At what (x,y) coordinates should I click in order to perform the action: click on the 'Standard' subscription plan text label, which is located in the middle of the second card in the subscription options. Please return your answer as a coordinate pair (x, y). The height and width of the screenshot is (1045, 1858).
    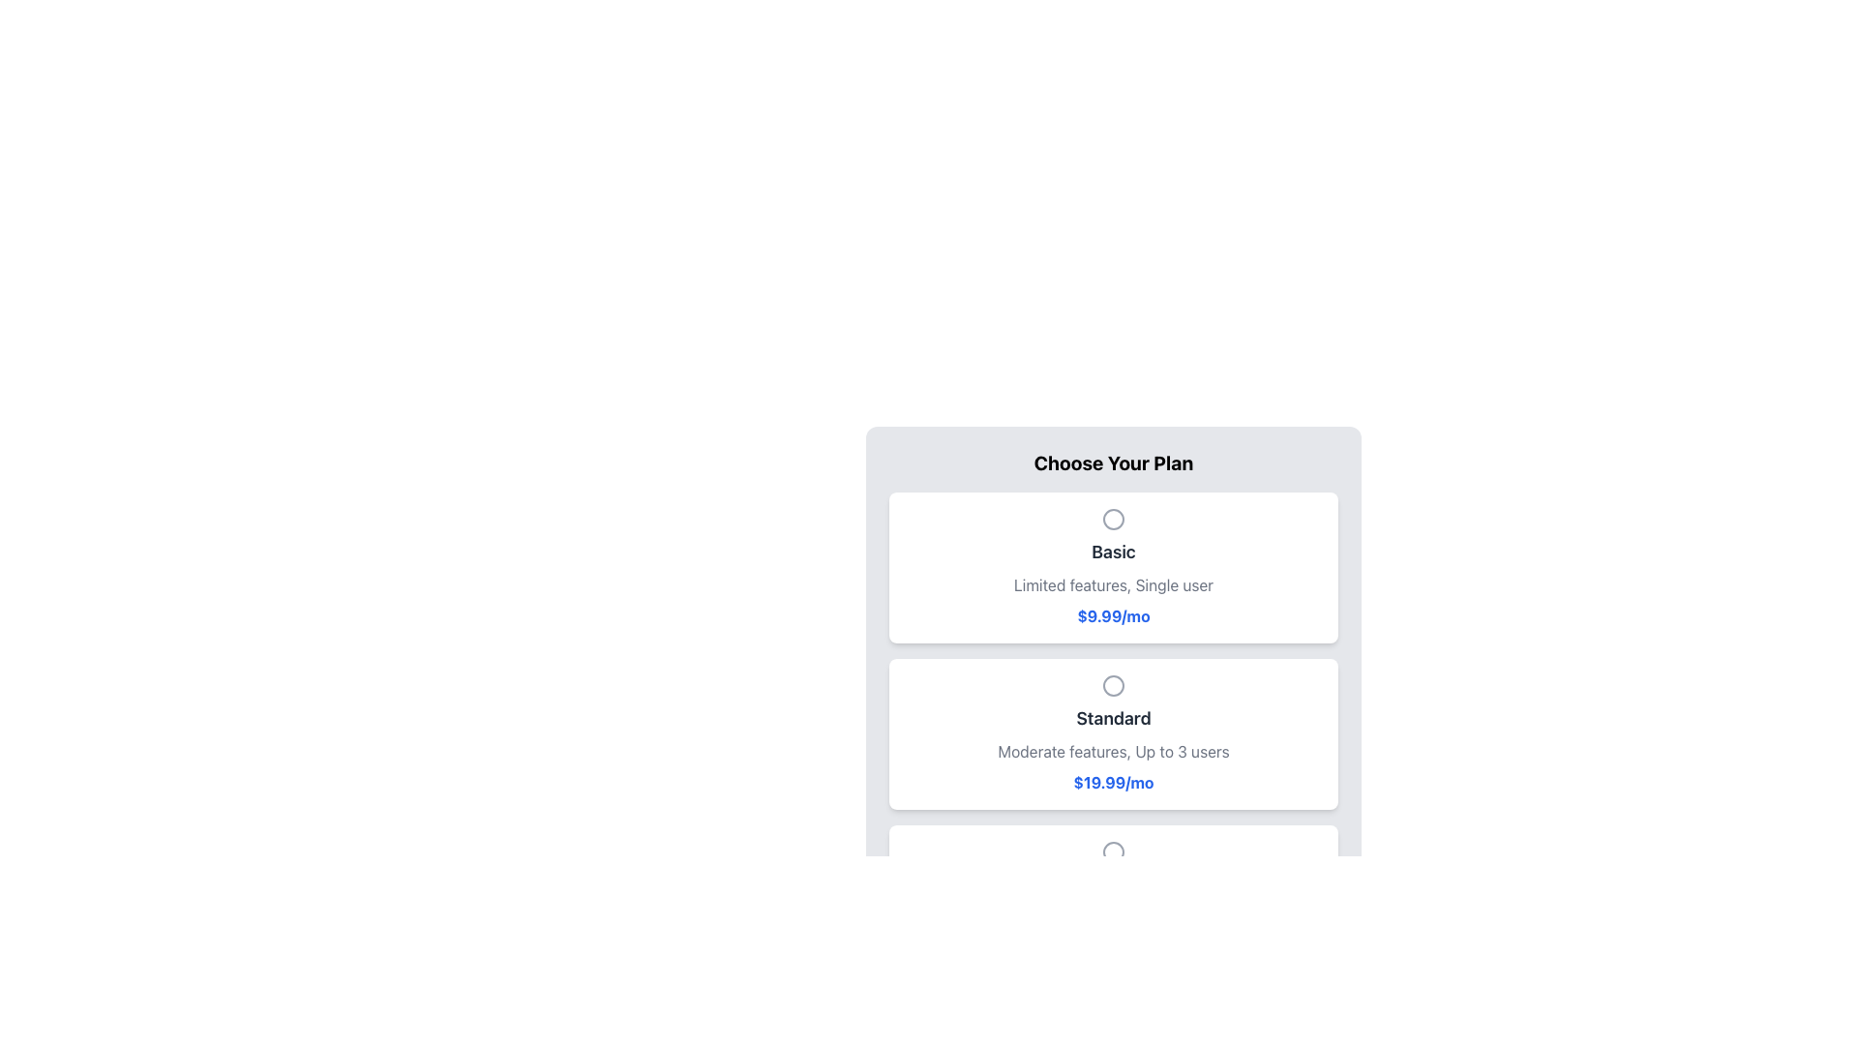
    Looking at the image, I should click on (1114, 719).